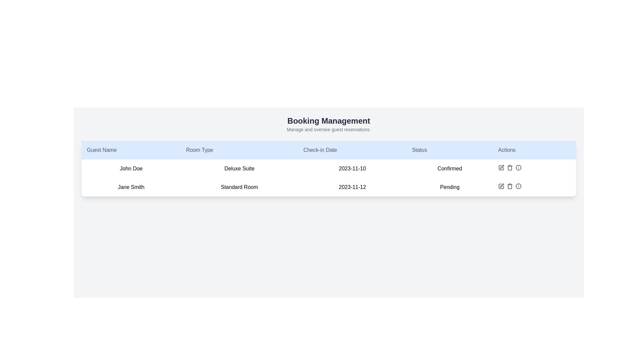 This screenshot has height=358, width=637. What do you see at coordinates (328, 121) in the screenshot?
I see `text of the heading element that contains 'Booking Management', which is styled prominently in bold and larger font near the top center of the page` at bounding box center [328, 121].